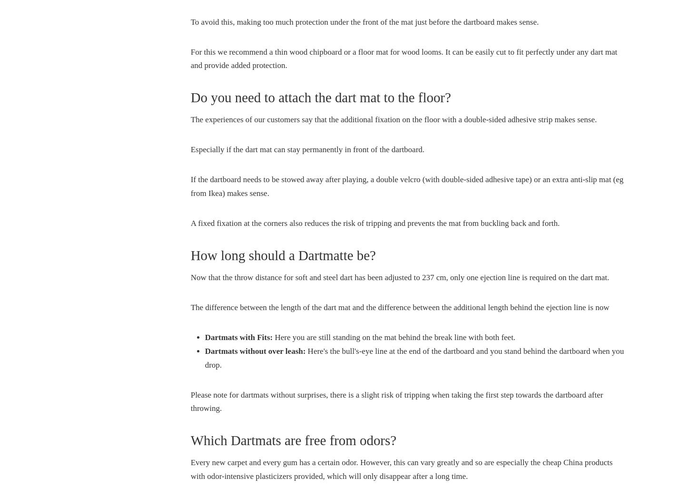 Image resolution: width=690 pixels, height=497 pixels. I want to click on 'Now that the throw distance for soft and steel dart has been adjusted to 237 cm, only one ejection line is required on the dart mat.', so click(190, 277).